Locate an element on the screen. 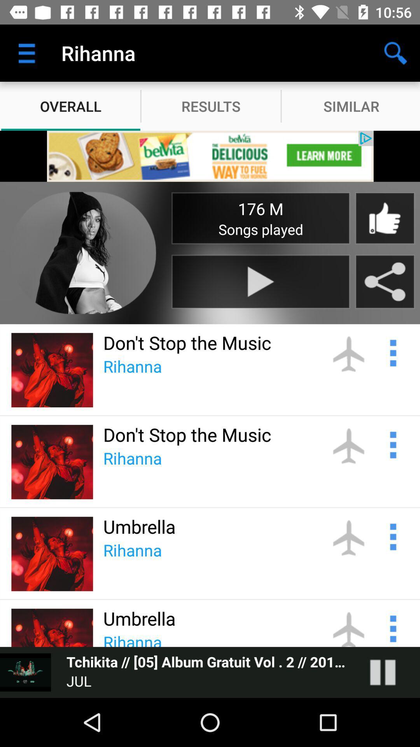 Image resolution: width=420 pixels, height=747 pixels. nofication is located at coordinates (392, 351).